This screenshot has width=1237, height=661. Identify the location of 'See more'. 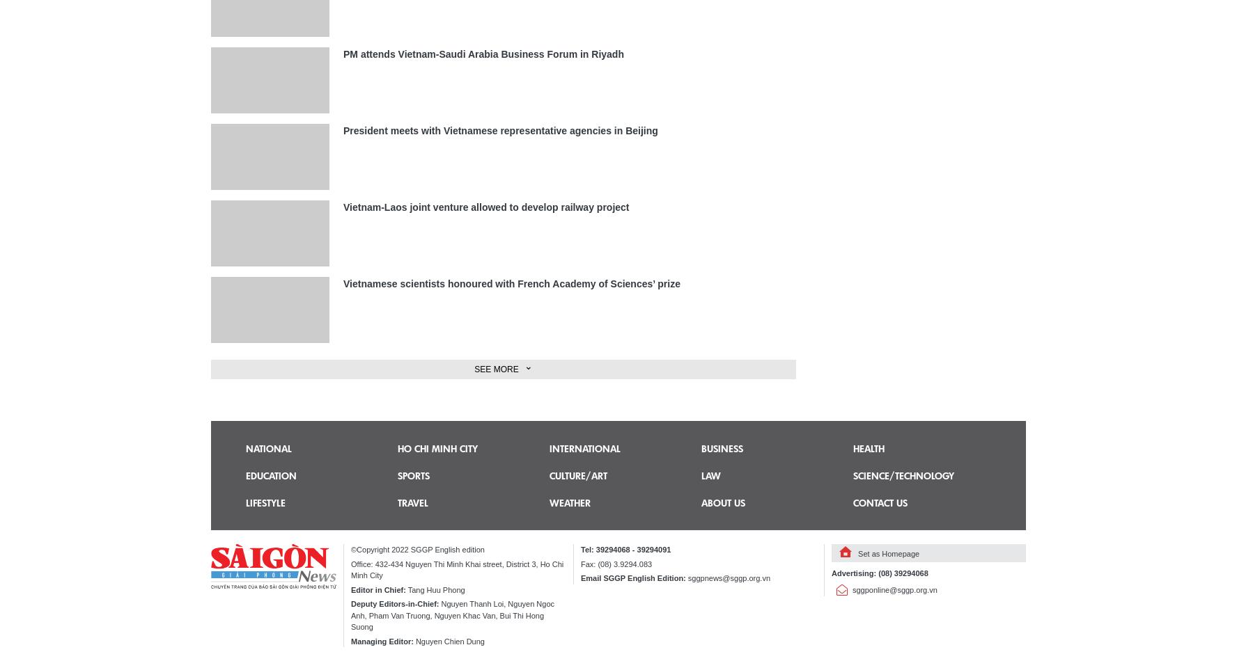
(496, 369).